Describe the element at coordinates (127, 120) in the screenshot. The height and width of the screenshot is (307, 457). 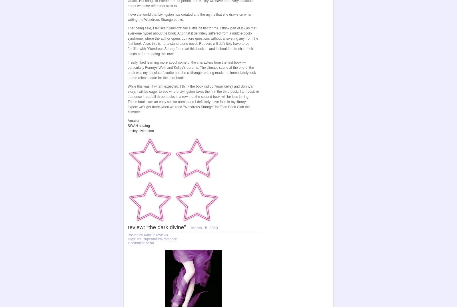
I see `'Amazon'` at that location.